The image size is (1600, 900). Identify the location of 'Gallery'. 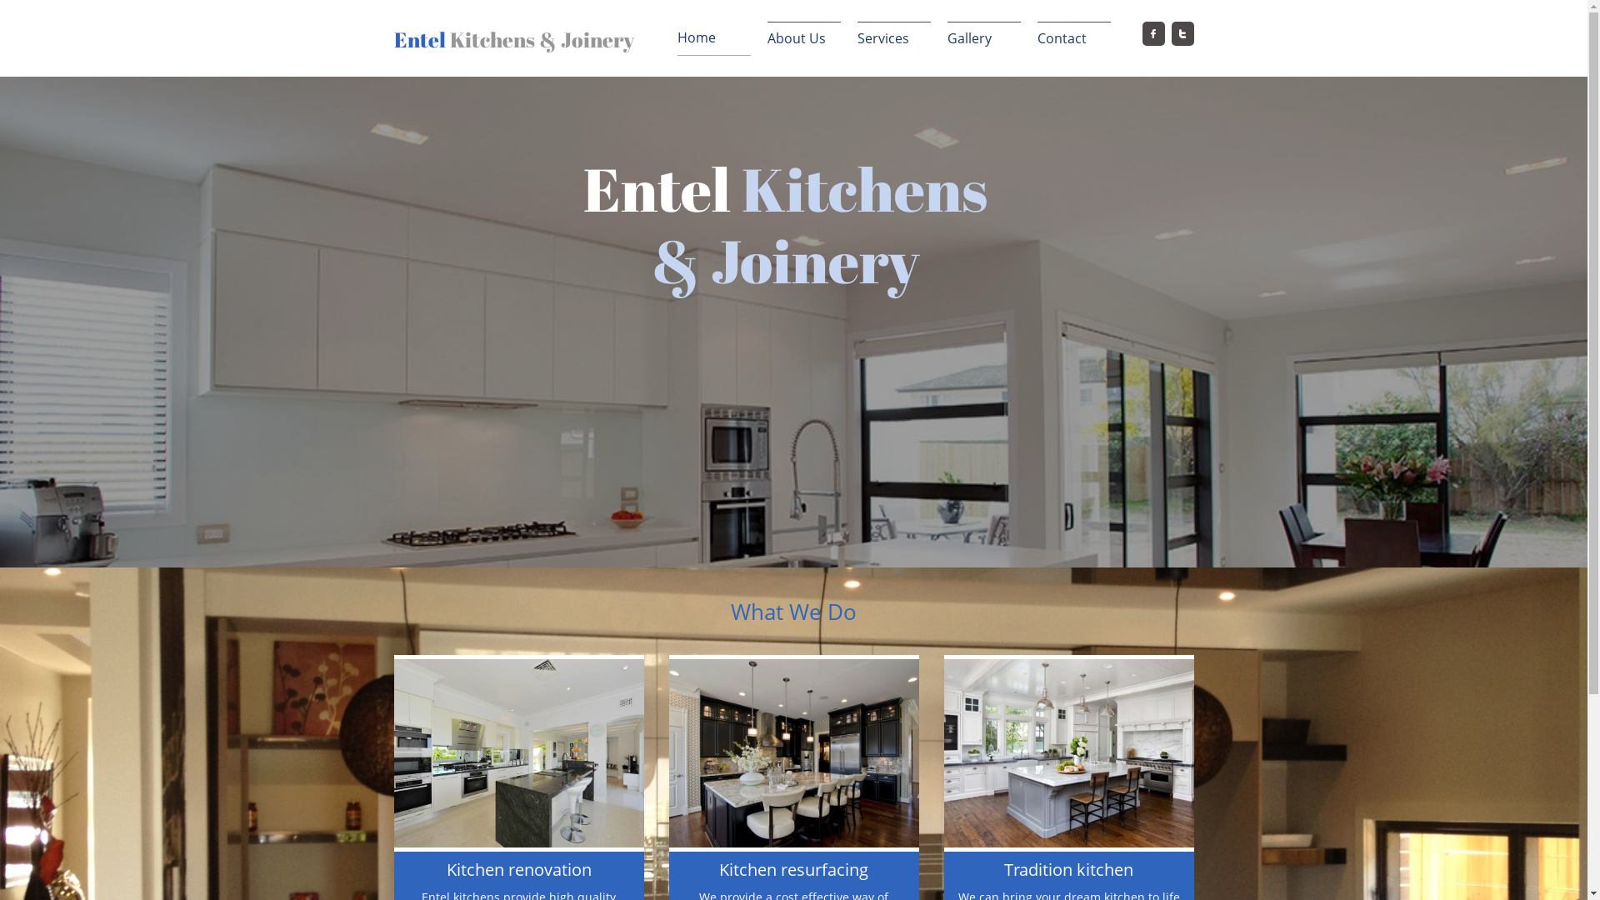
(983, 37).